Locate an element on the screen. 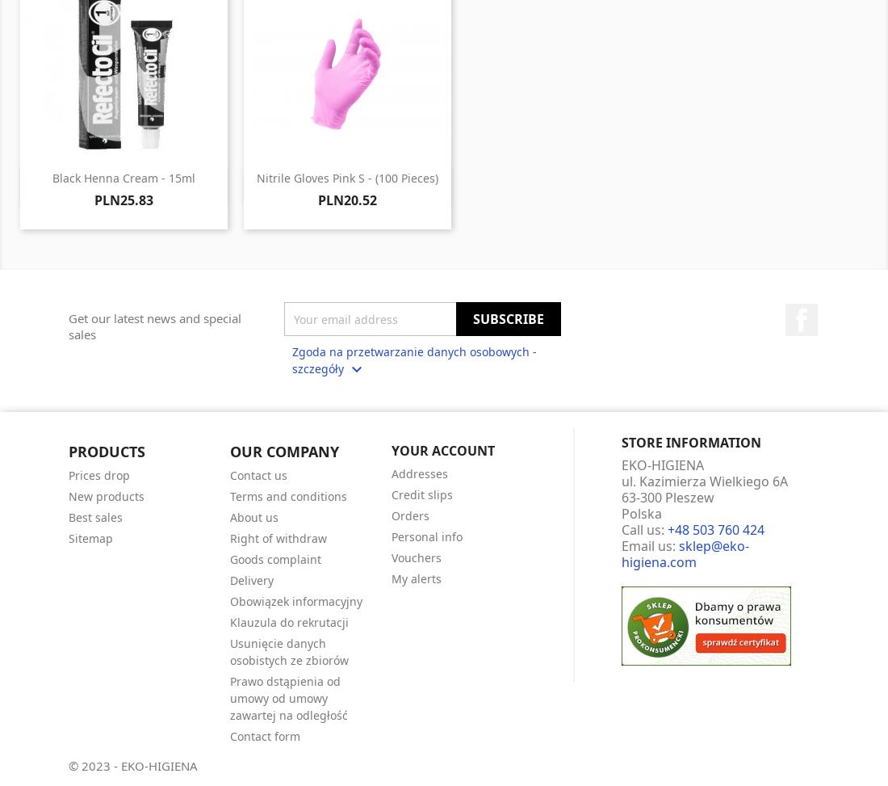  'Terms and conditions' is located at coordinates (229, 495).